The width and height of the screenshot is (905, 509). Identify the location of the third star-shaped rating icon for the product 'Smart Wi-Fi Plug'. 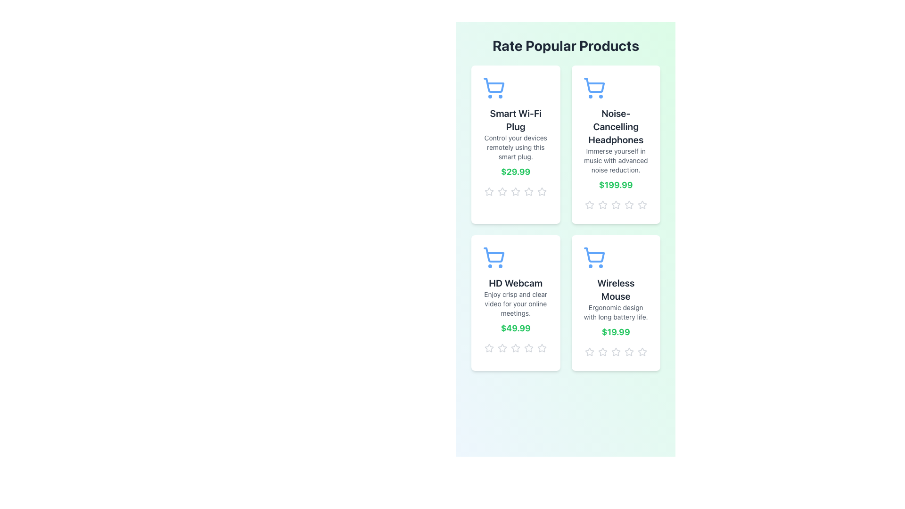
(515, 191).